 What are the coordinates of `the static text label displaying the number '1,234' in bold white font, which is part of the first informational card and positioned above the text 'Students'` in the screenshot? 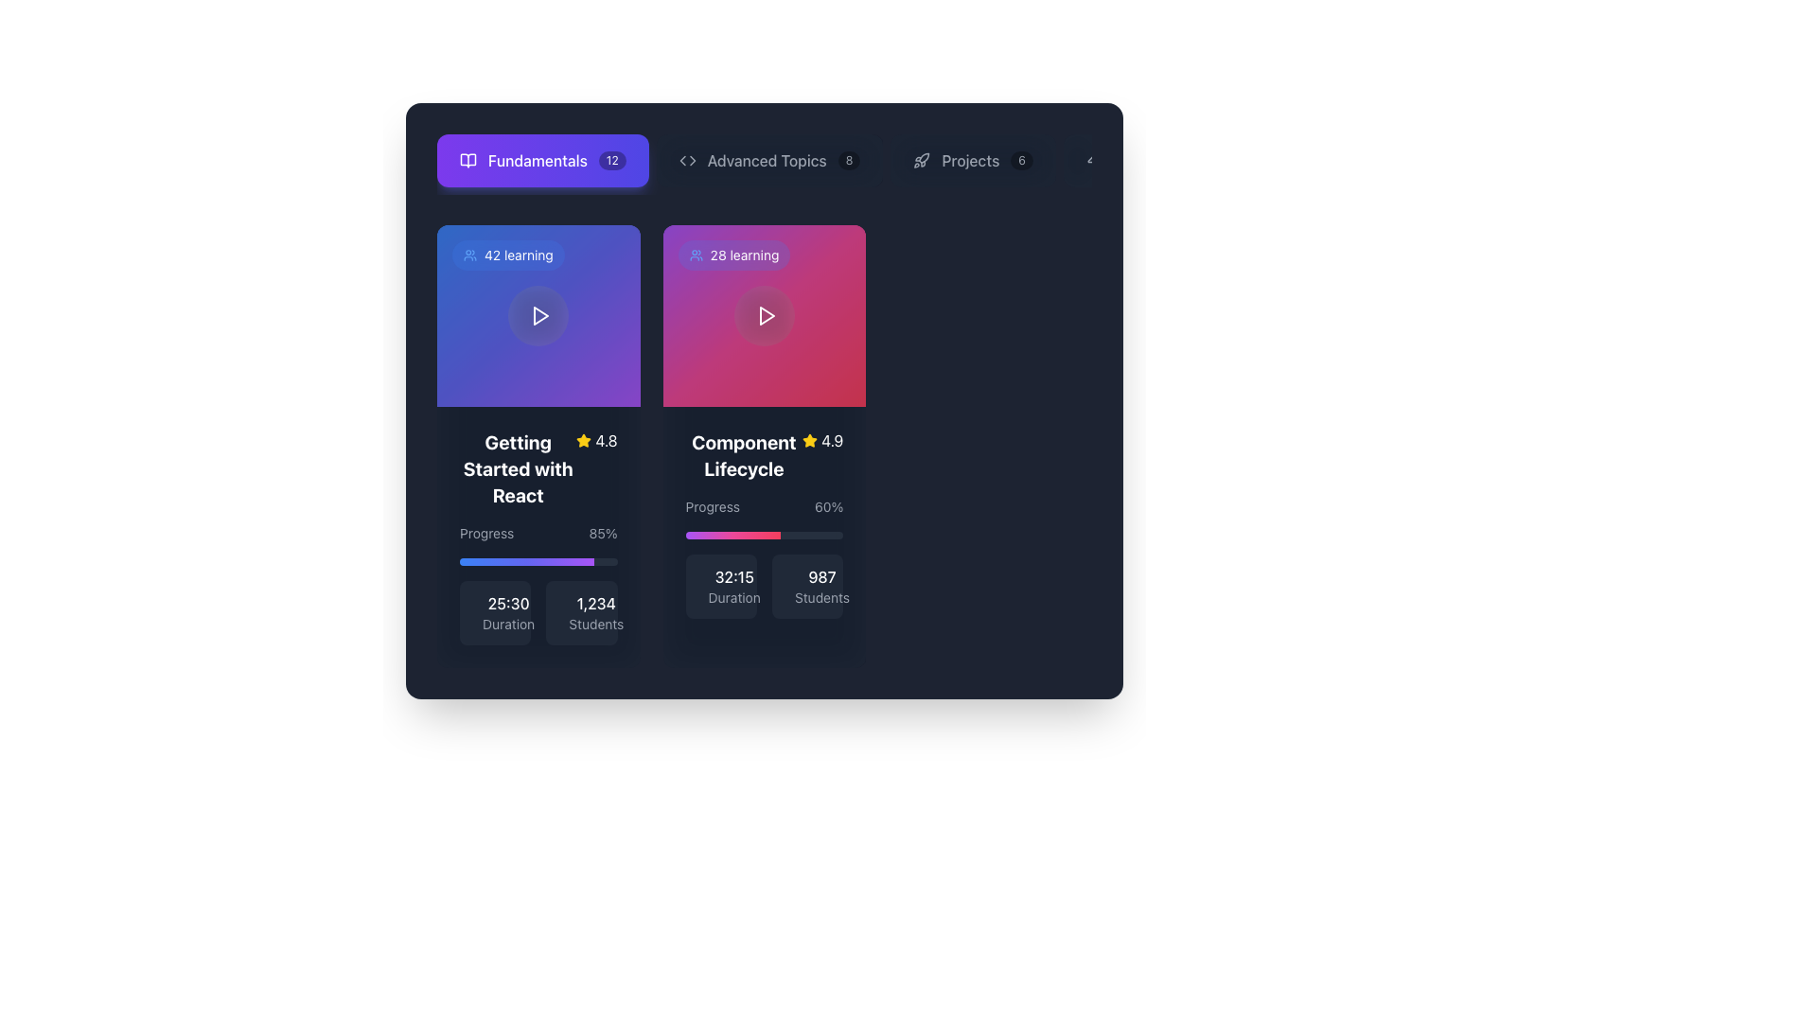 It's located at (595, 603).